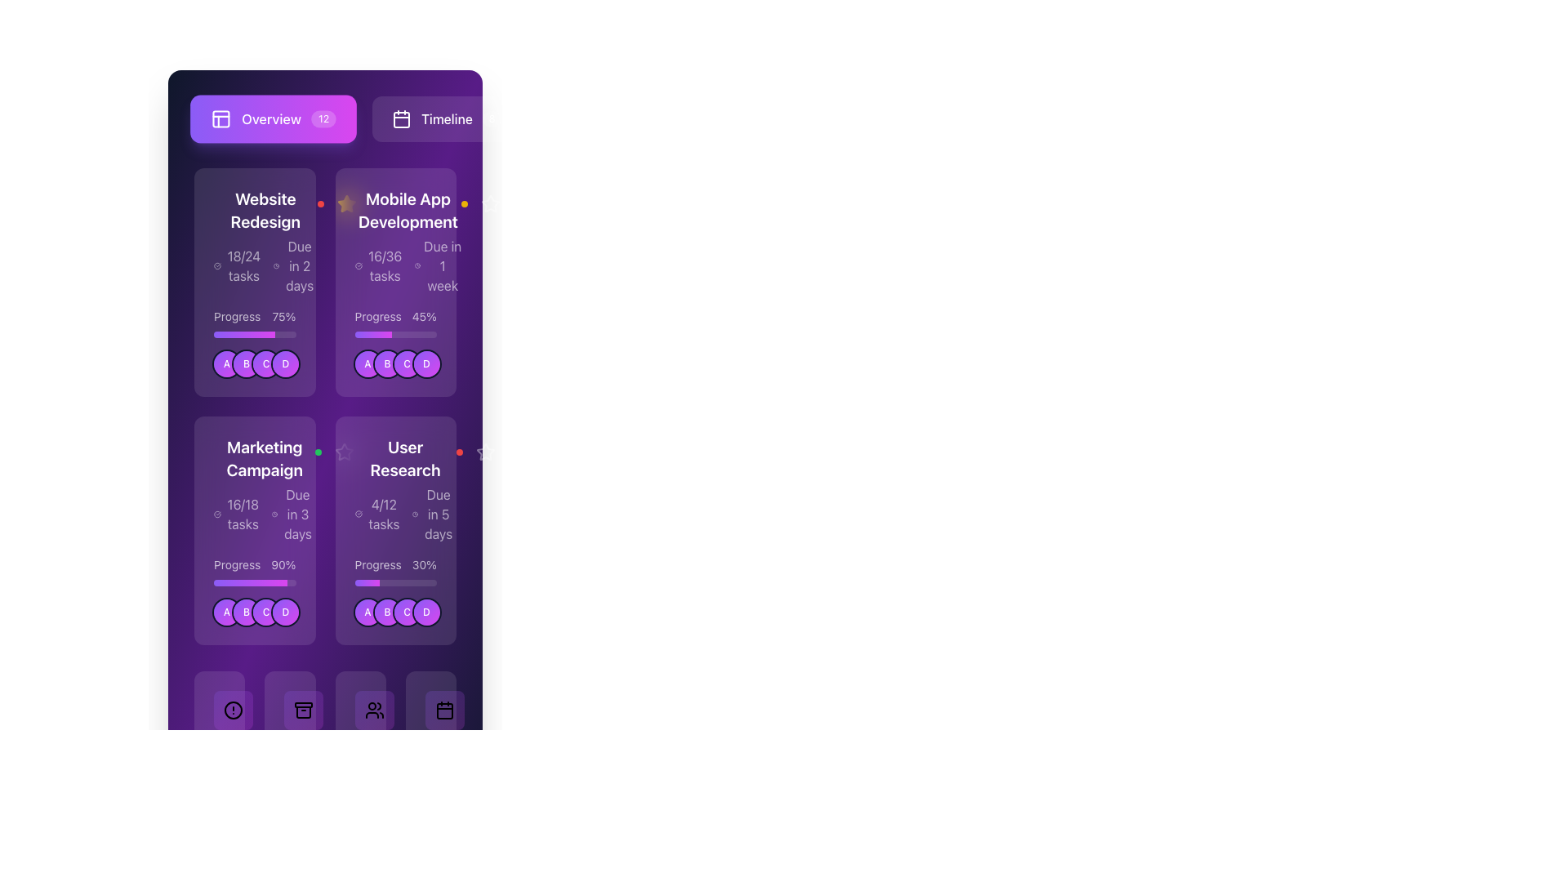  I want to click on fourth circular avatar located at the bottom section of the 'User Research' panel for user details, so click(426, 612).